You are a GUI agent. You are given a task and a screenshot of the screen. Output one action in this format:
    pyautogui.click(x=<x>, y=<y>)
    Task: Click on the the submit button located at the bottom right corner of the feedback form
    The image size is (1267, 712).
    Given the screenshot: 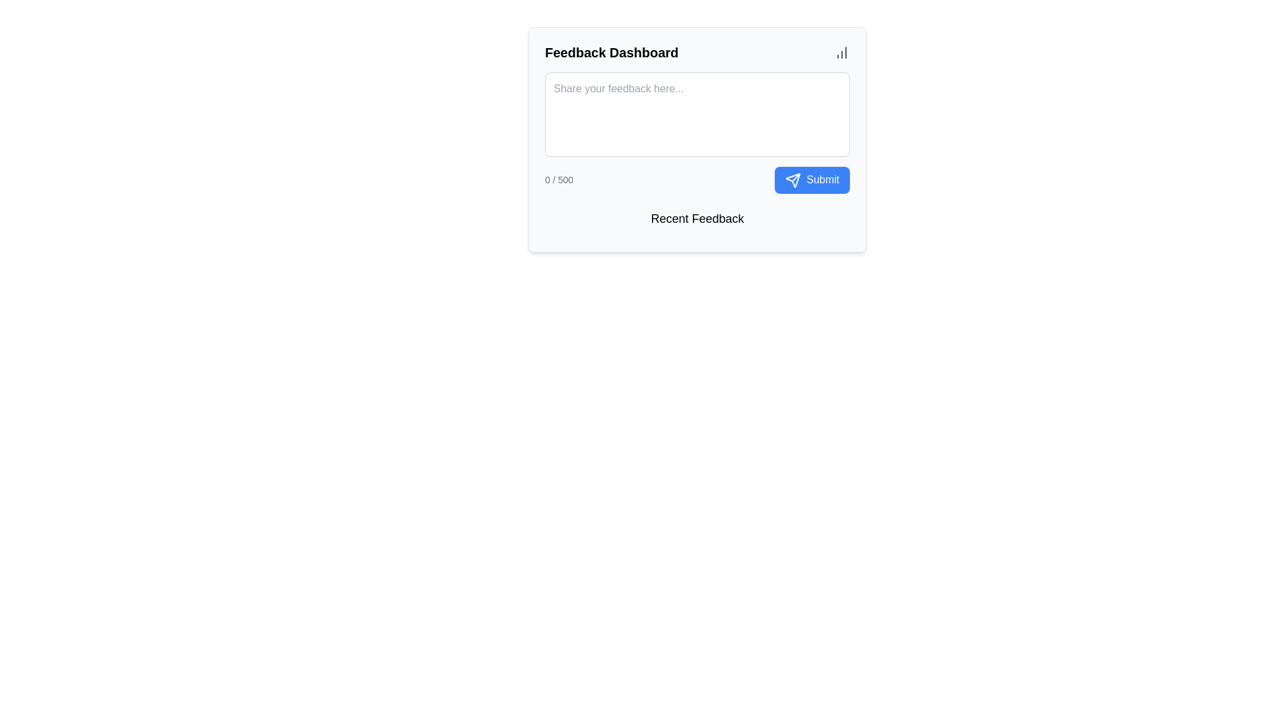 What is the action you would take?
    pyautogui.click(x=812, y=180)
    